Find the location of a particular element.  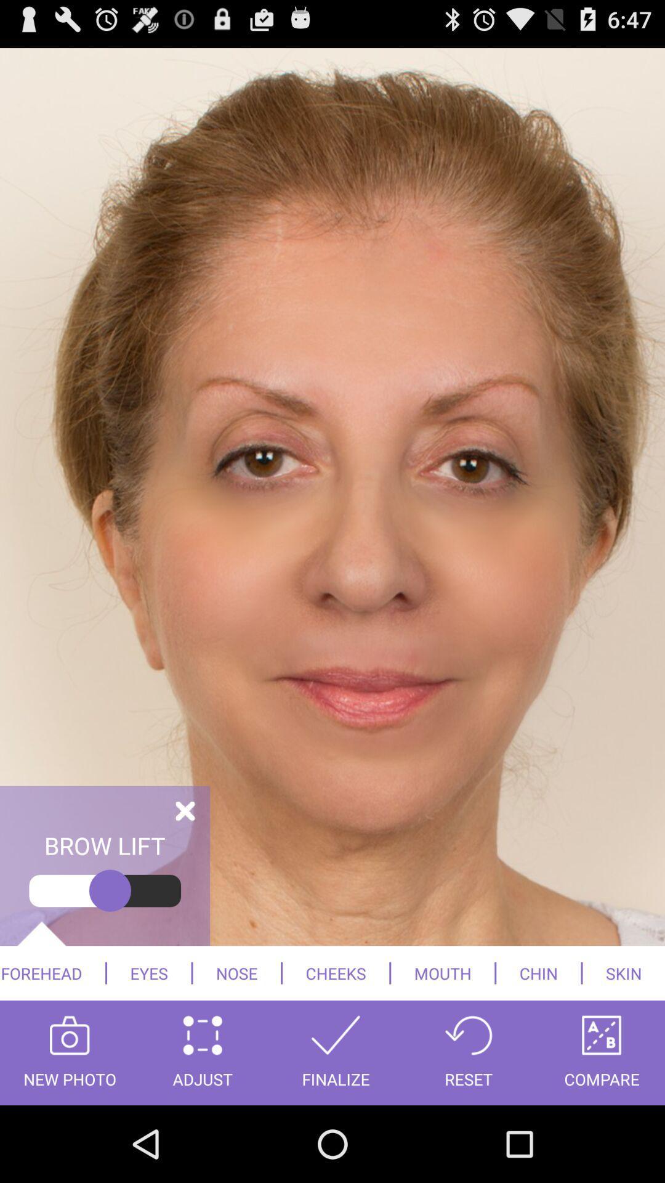

the nose app is located at coordinates (236, 972).